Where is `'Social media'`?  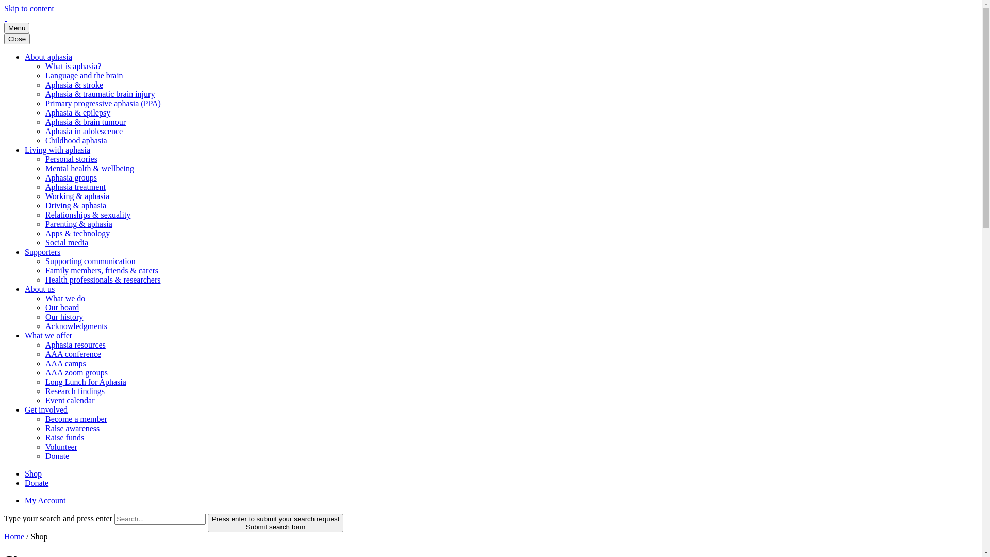 'Social media' is located at coordinates (66, 242).